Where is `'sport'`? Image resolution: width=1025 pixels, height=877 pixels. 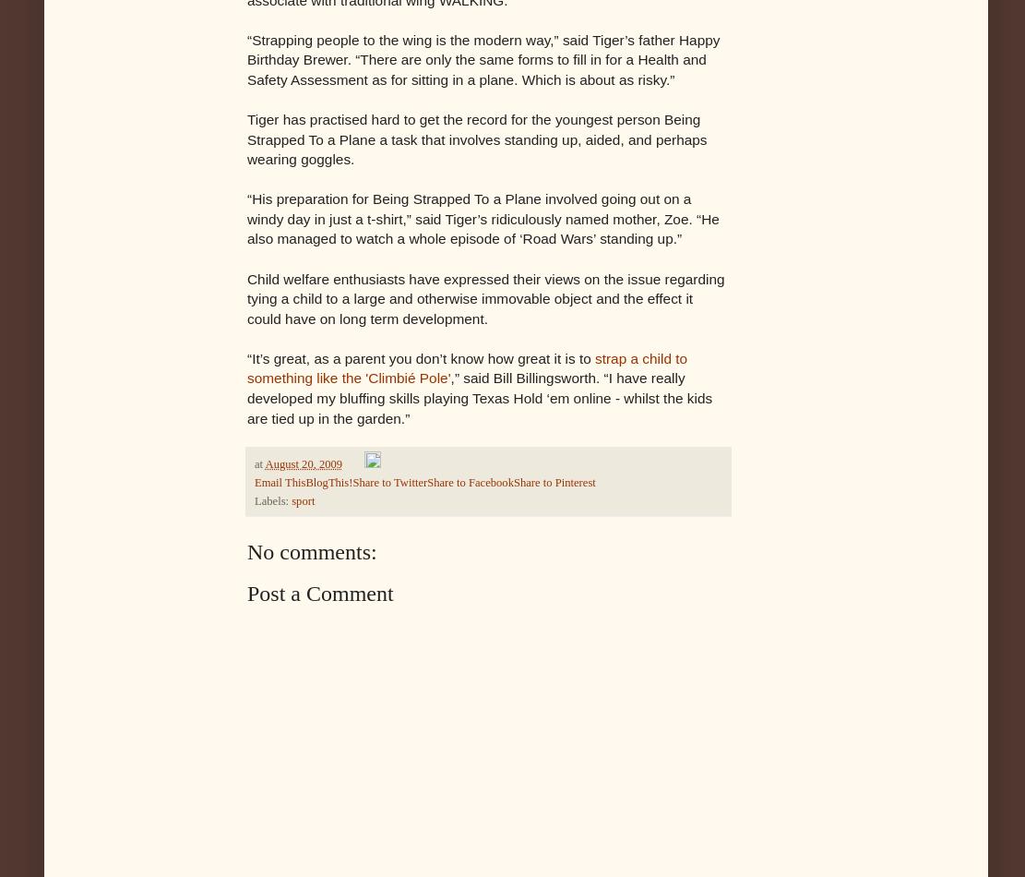
'sport' is located at coordinates (302, 501).